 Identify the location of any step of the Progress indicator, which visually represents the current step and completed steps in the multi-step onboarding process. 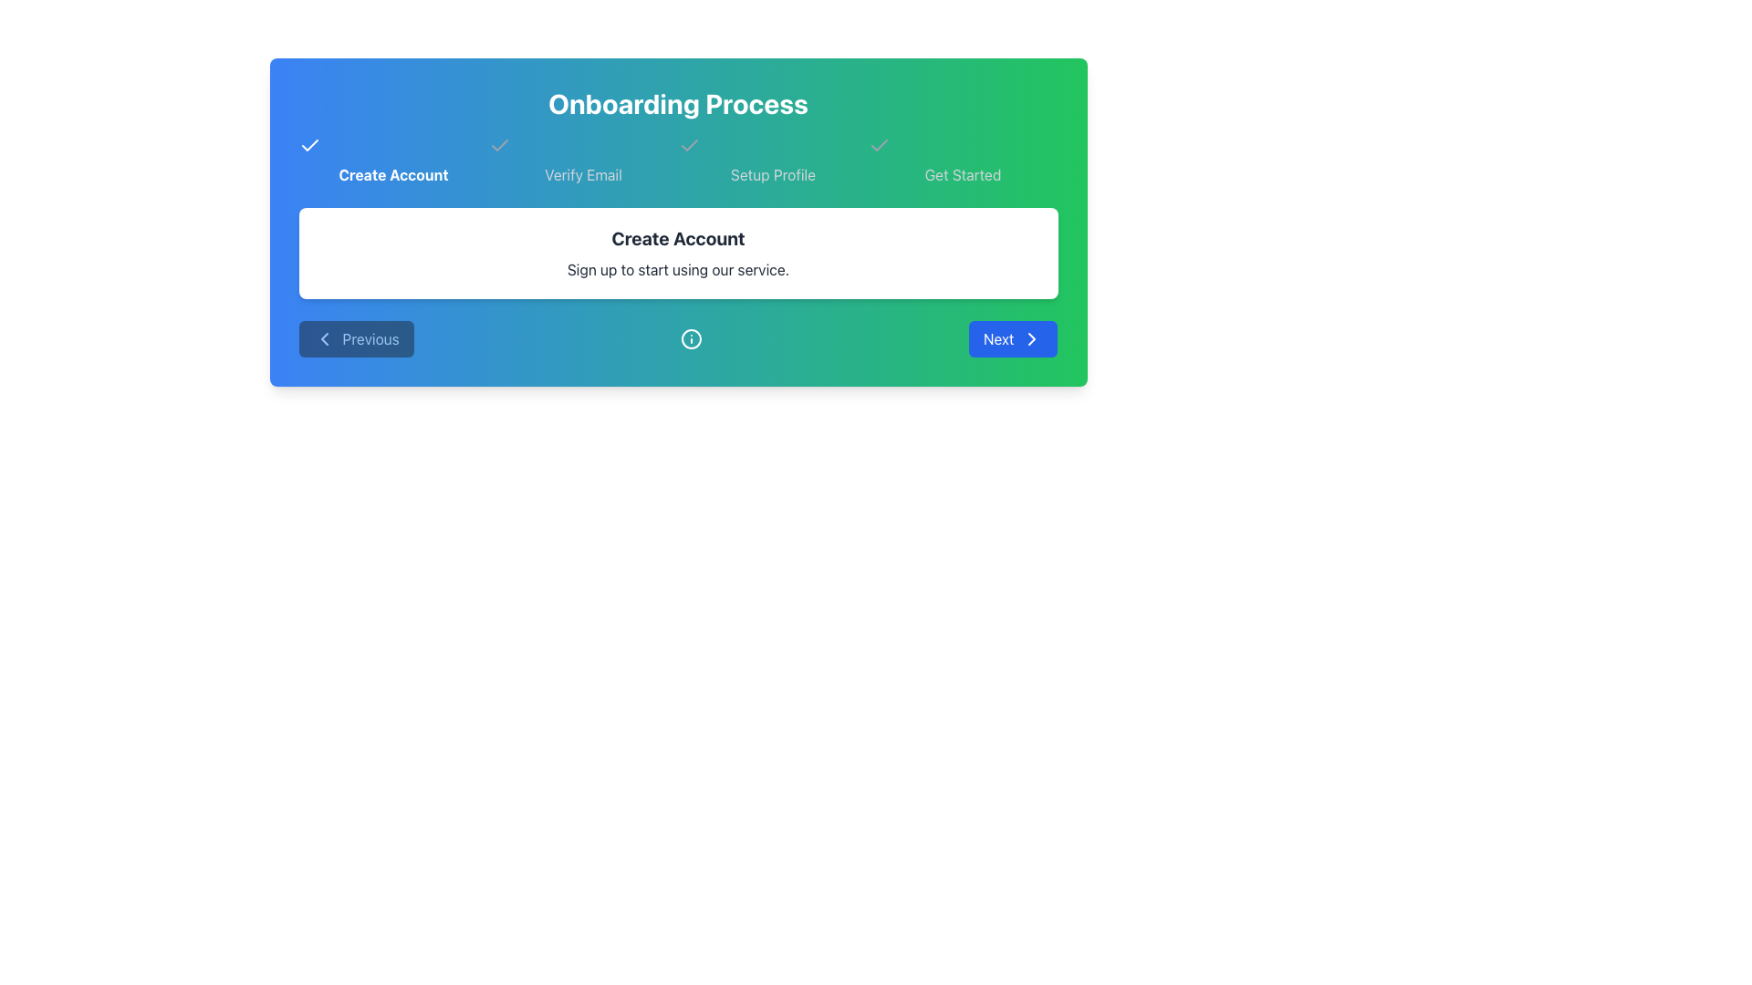
(677, 160).